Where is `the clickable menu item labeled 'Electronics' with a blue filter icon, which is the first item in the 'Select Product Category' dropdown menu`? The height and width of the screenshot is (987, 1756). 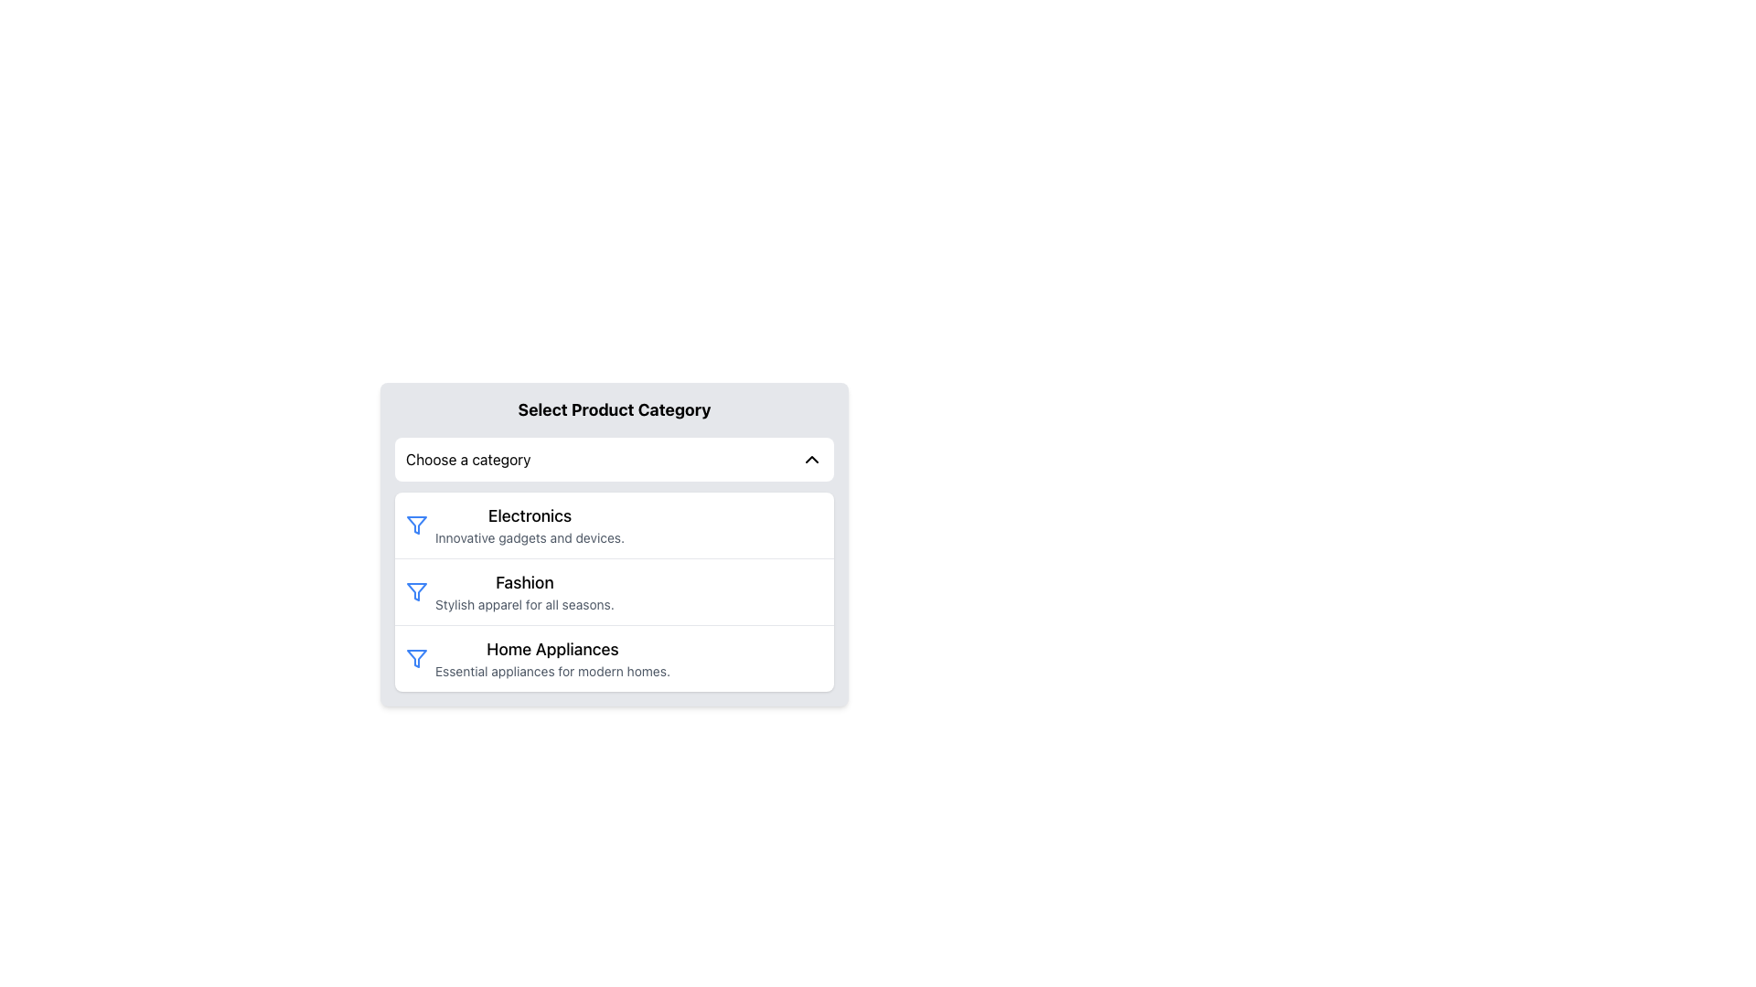 the clickable menu item labeled 'Electronics' with a blue filter icon, which is the first item in the 'Select Product Category' dropdown menu is located at coordinates (615, 525).